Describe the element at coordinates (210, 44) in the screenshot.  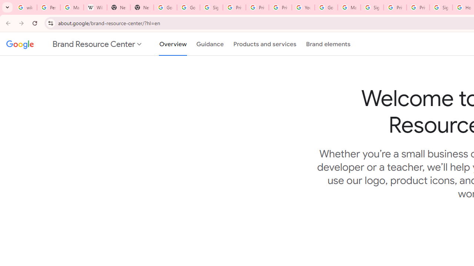
I see `'Guidance'` at that location.